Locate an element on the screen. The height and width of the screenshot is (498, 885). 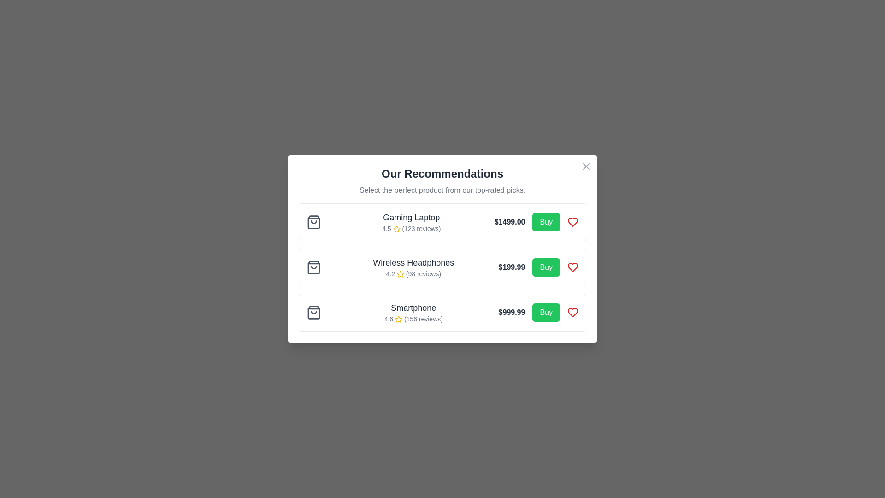
the shopping bag icon, which is a dark outlined vector graphic located in the leftmost area of the third row in the recommendations panel is located at coordinates (314, 312).